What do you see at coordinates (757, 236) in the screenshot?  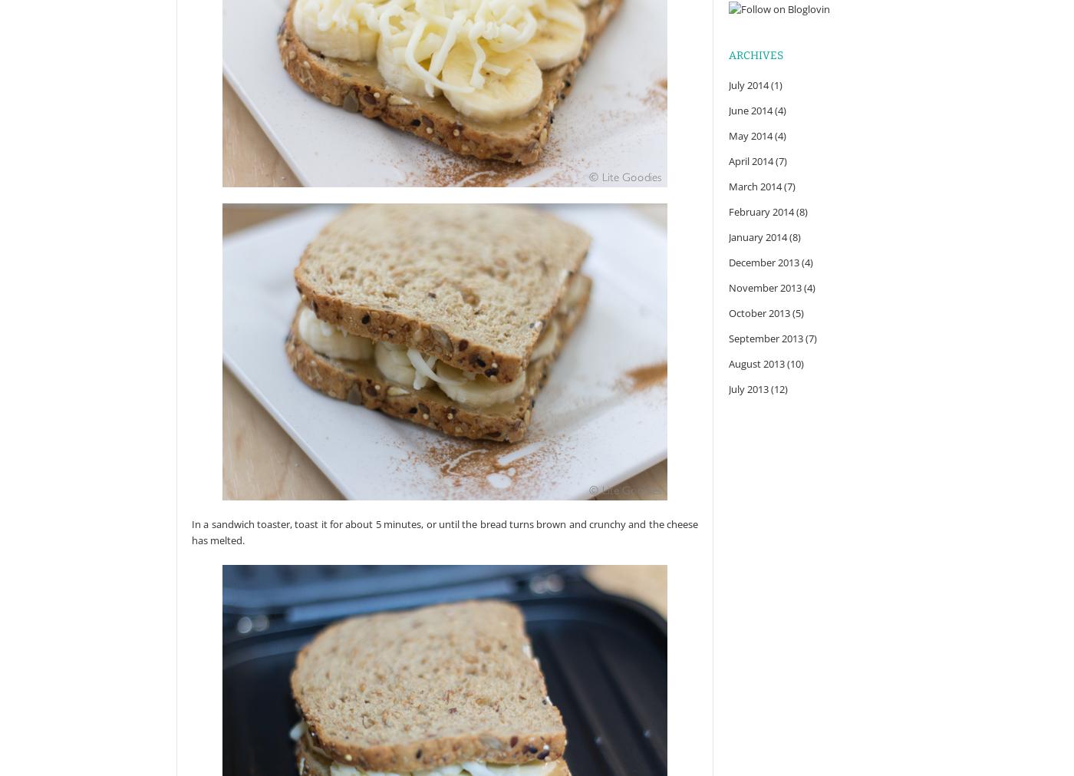 I see `'January 2014'` at bounding box center [757, 236].